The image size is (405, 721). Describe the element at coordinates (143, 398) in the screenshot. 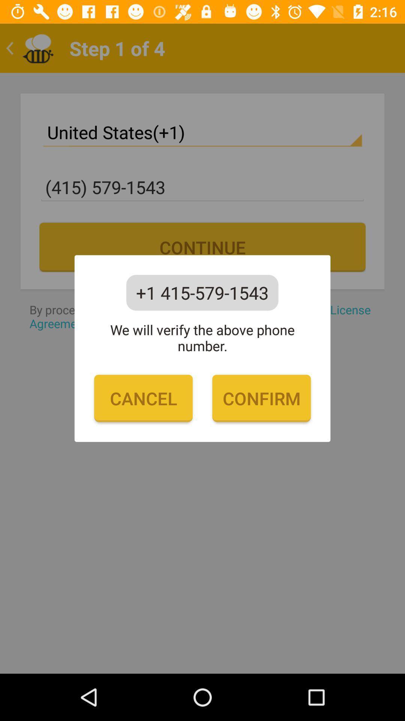

I see `cancel` at that location.